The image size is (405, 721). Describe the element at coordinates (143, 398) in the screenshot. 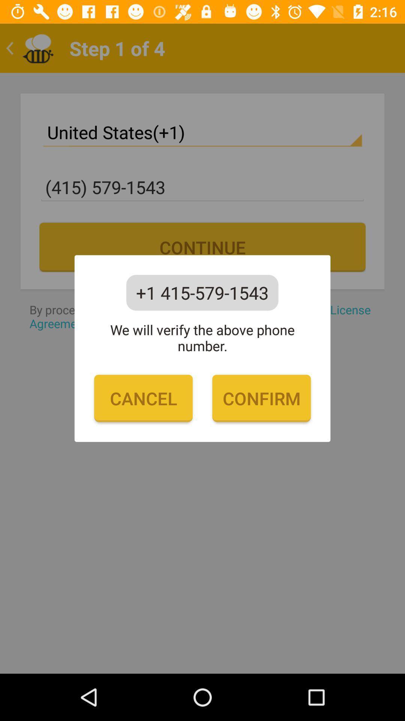

I see `cancel` at that location.